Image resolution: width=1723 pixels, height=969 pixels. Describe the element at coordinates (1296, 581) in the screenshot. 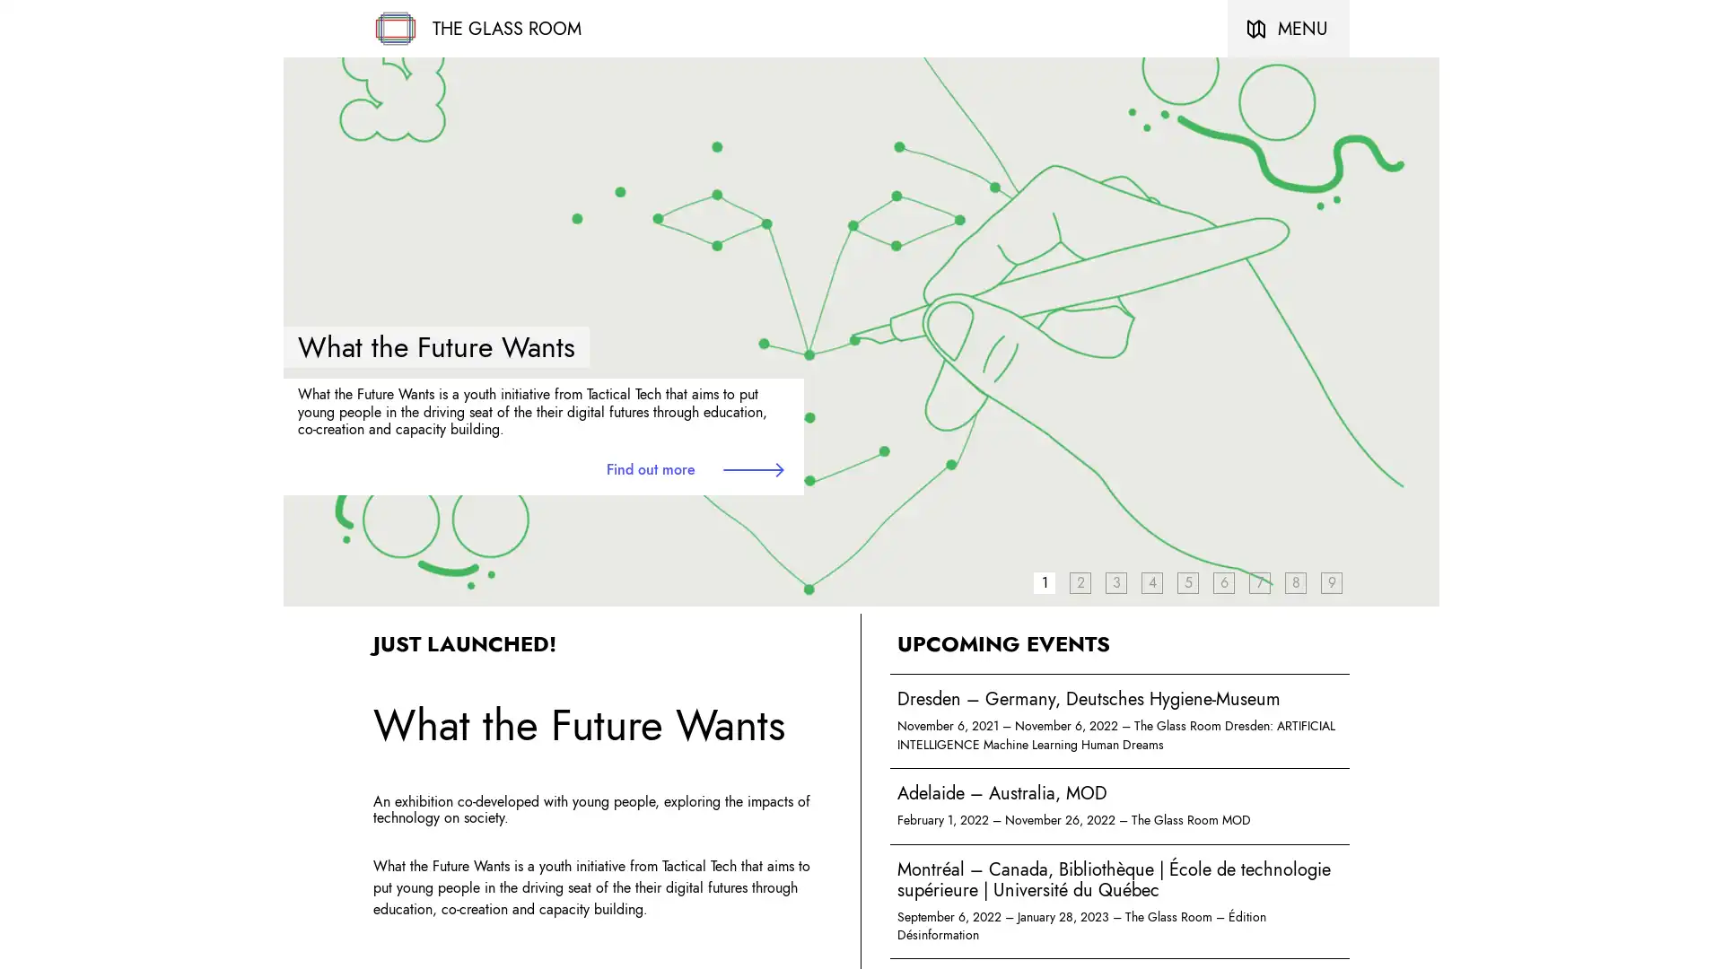

I see `slide item 8` at that location.